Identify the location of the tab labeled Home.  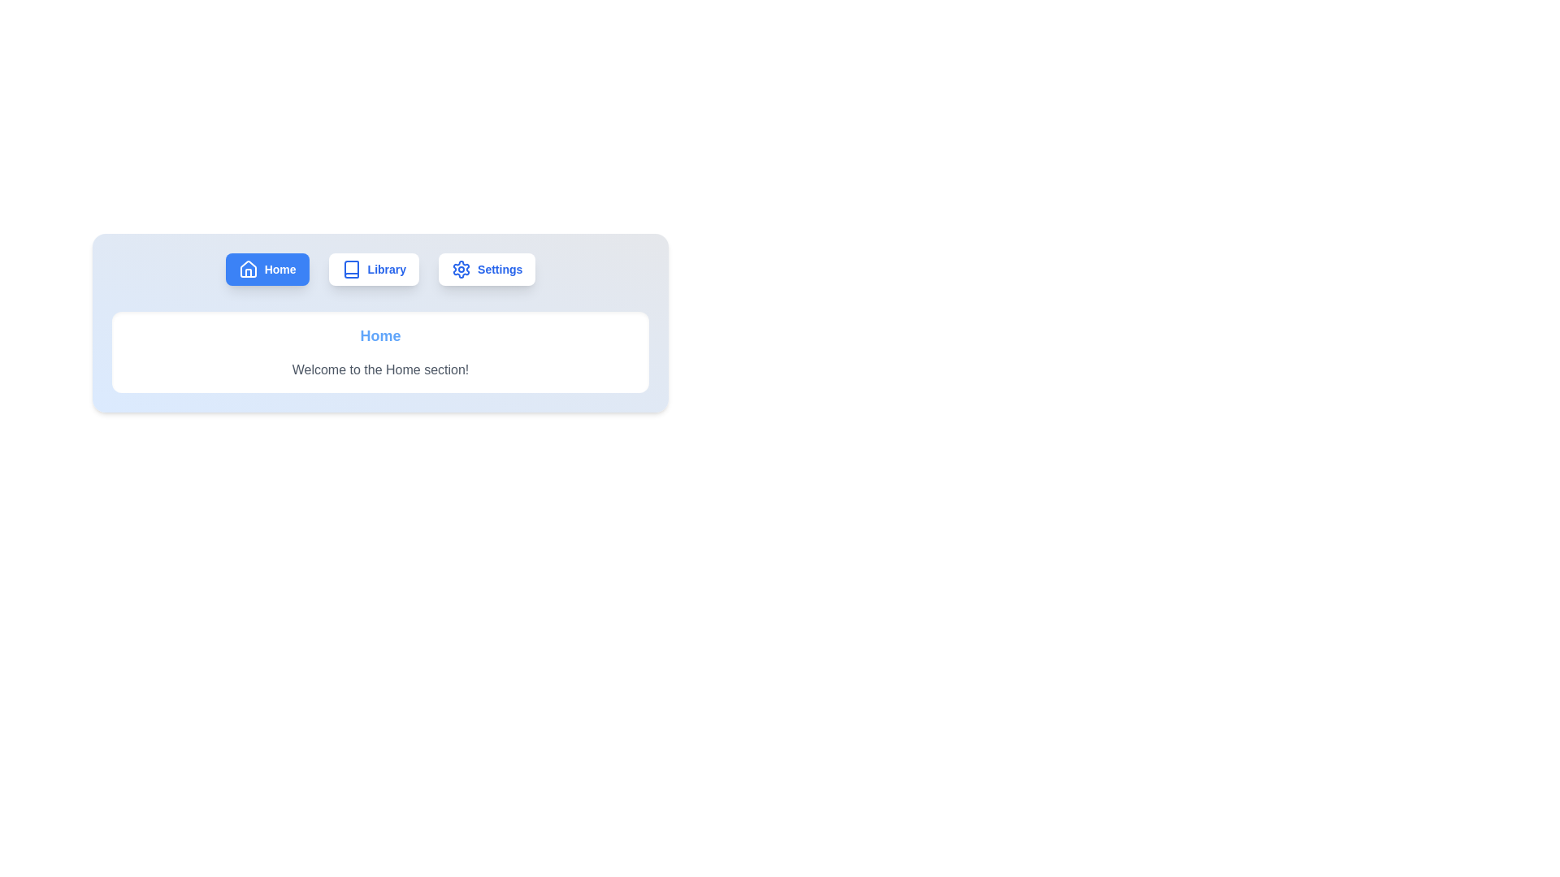
(267, 268).